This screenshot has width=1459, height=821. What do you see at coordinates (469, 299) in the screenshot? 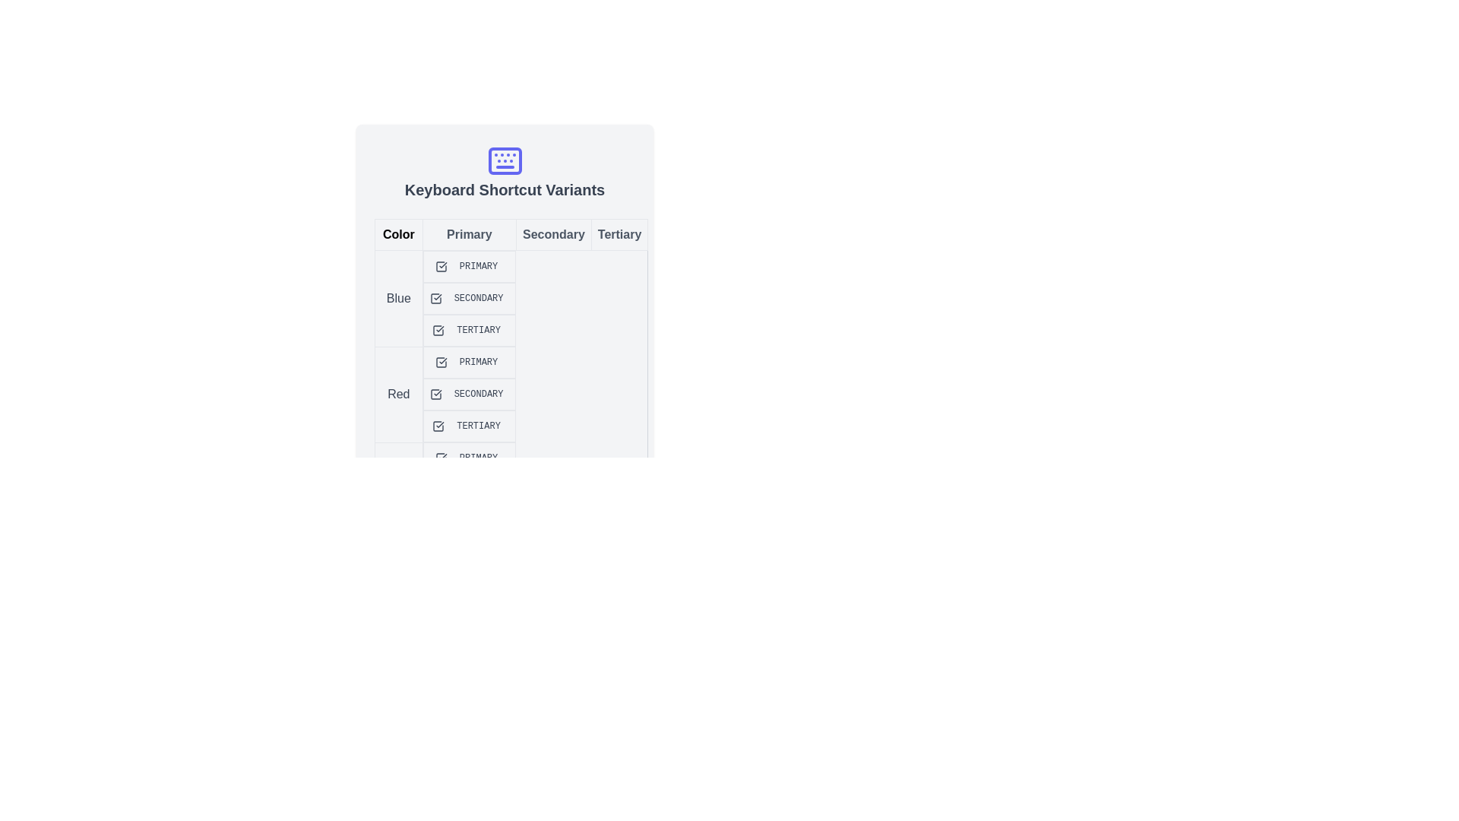
I see `the text label displaying 'SECONDARY' in blue, located in the 'Blue' section under the 'Secondary' column` at bounding box center [469, 299].